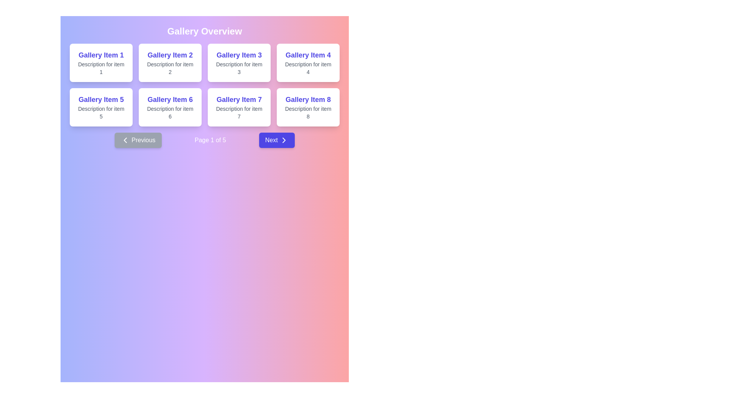  I want to click on the text label displaying 'Gallery Item 3', which is a bold, large, indigo-colored title located in the third position of the first row of gallery items, so click(239, 54).